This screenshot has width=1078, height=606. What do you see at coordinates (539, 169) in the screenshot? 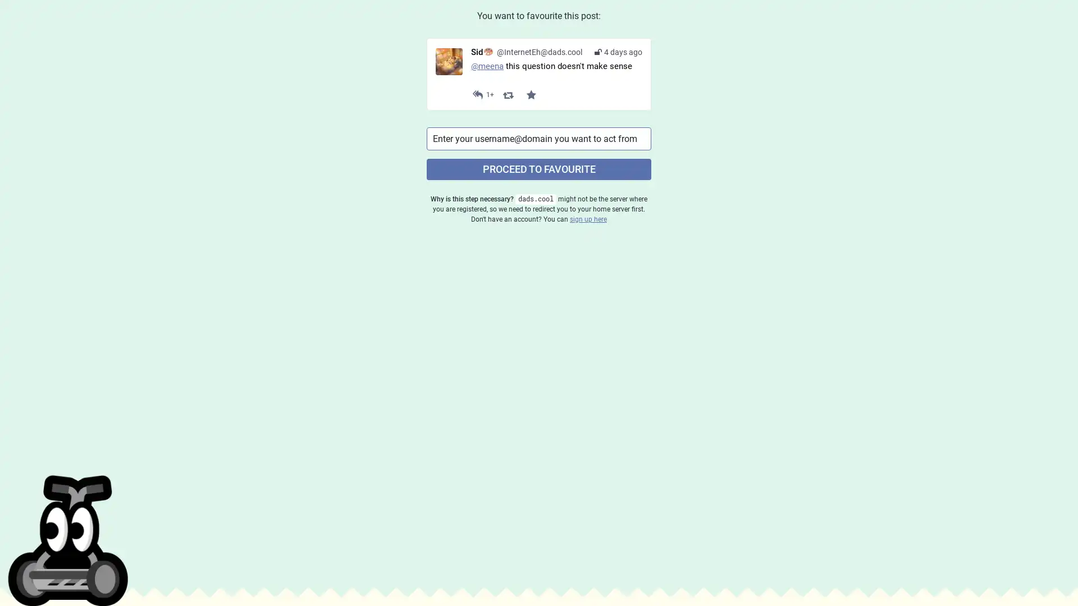
I see `PROCEED TO FAVOURITE` at bounding box center [539, 169].